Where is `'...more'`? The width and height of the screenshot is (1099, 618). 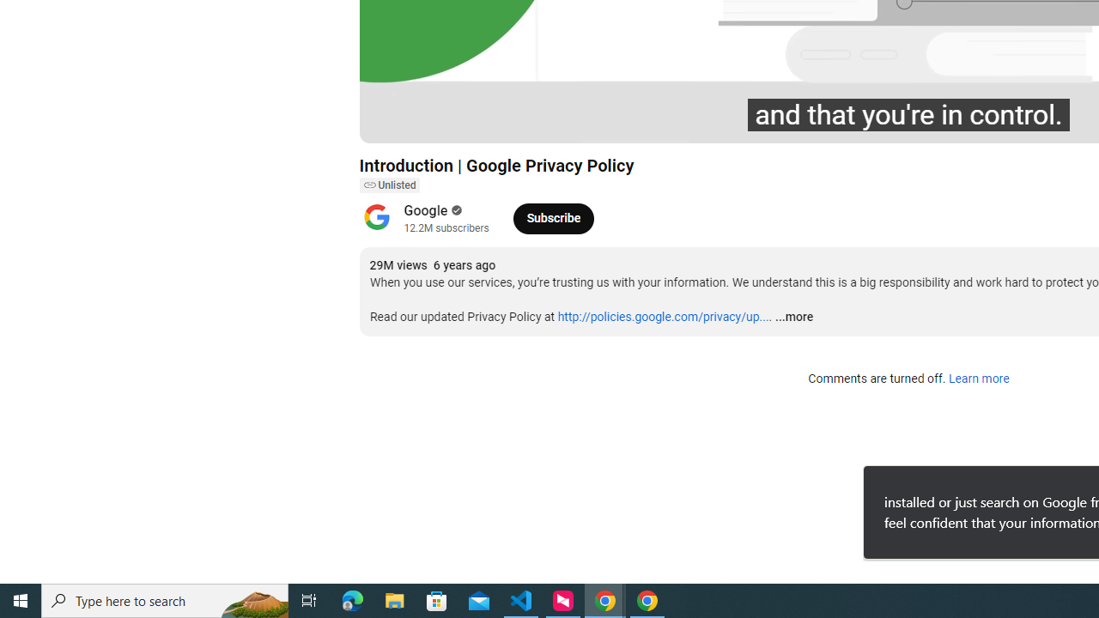 '...more' is located at coordinates (792, 318).